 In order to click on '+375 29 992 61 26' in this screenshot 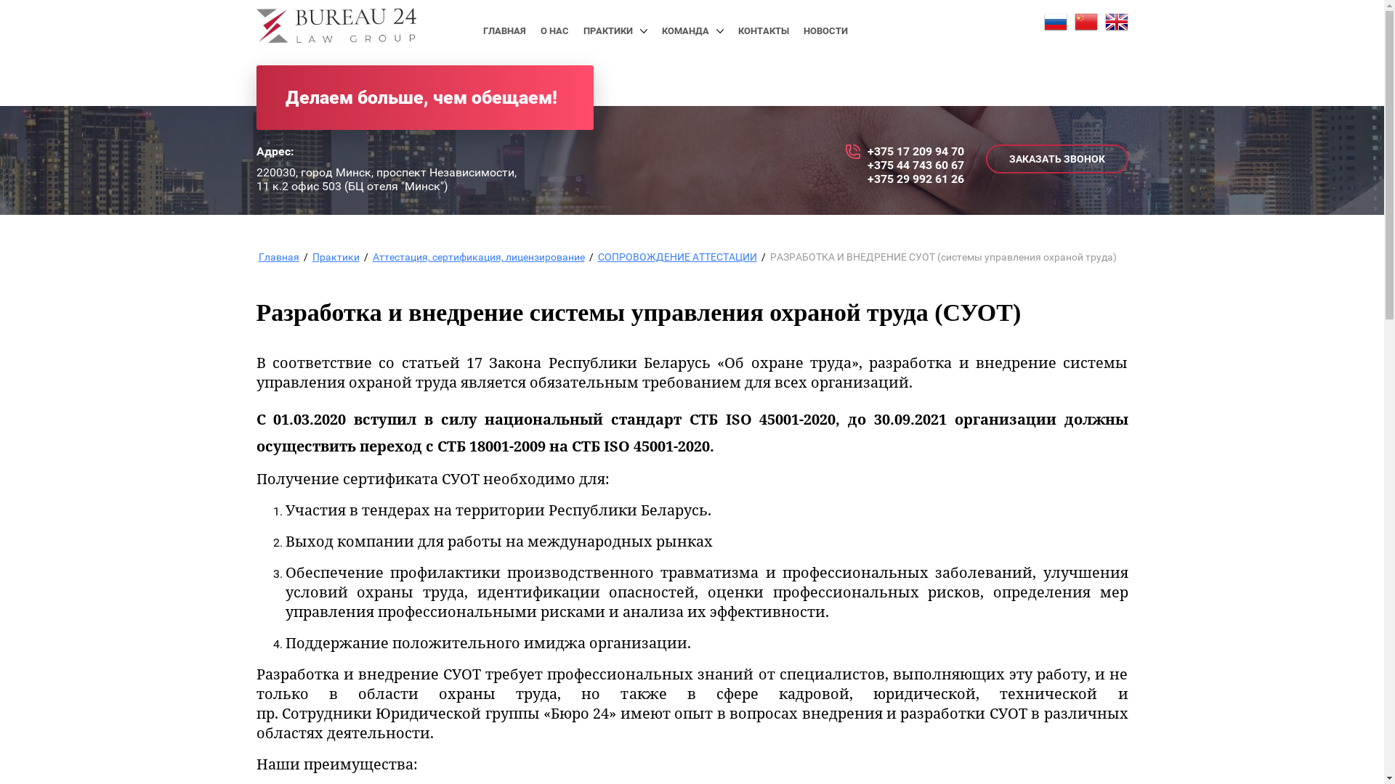, I will do `click(915, 178)`.